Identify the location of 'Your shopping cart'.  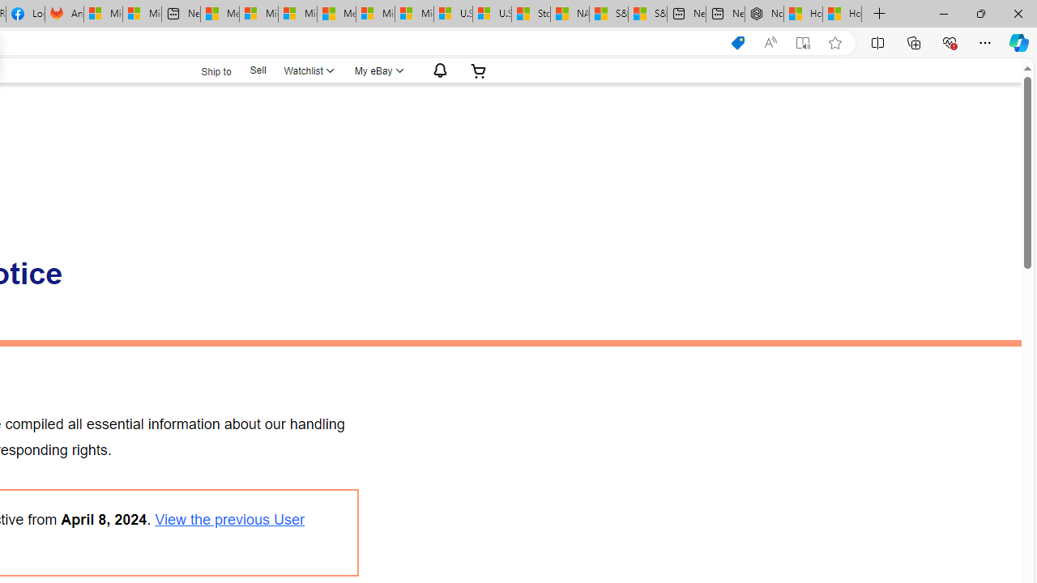
(478, 70).